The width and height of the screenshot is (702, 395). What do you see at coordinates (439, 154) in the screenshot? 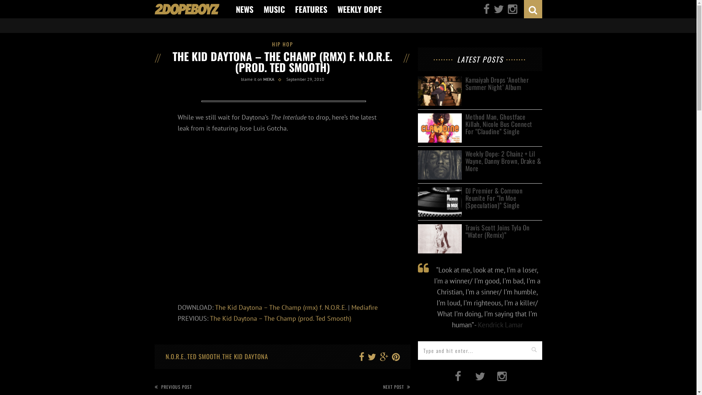
I see `'Weekly Dope: 2 Chainz + Lil Wayne, Danny Brown, Drake & More'` at bounding box center [439, 154].